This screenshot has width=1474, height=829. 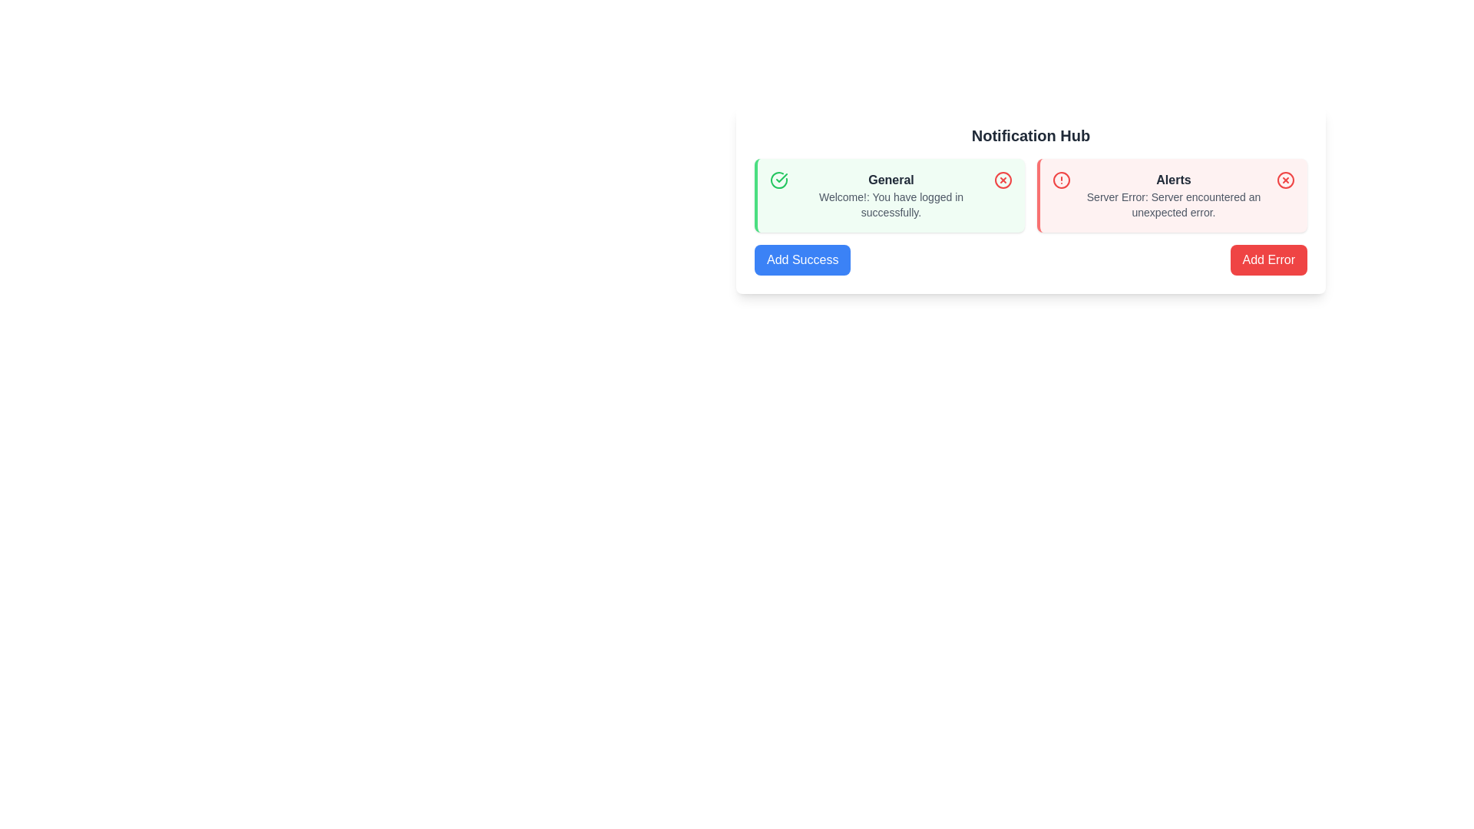 I want to click on the 'General' text label element, so click(x=891, y=180).